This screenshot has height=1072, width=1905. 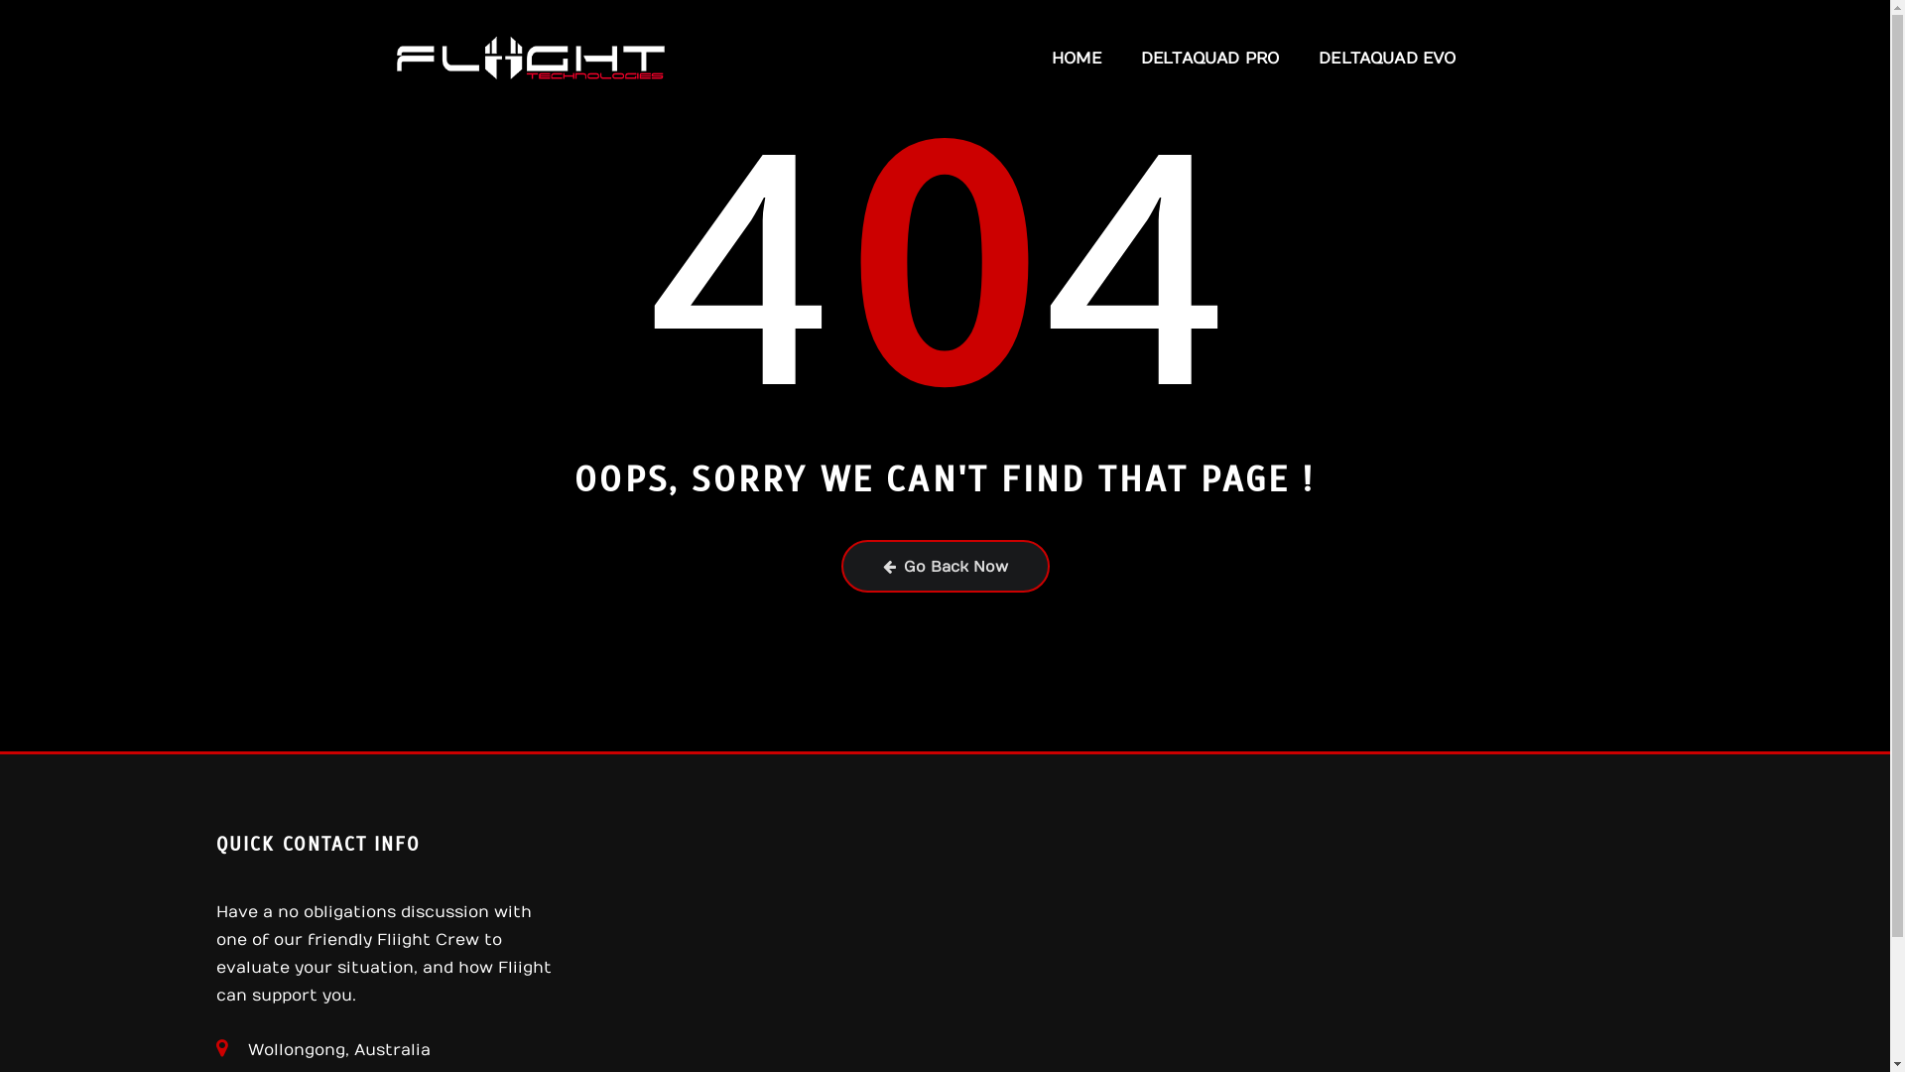 I want to click on 'DELTAQUAD EVO', so click(x=1385, y=57).